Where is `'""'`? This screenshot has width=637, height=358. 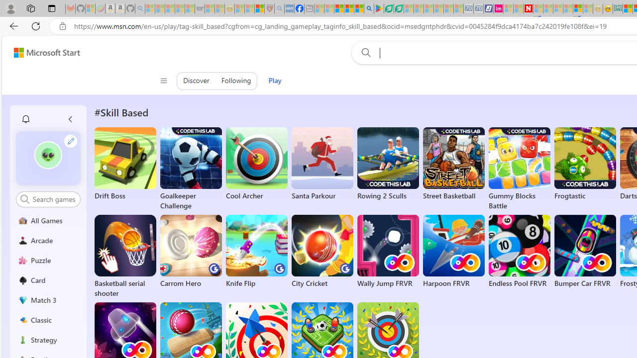
'""' is located at coordinates (47, 155).